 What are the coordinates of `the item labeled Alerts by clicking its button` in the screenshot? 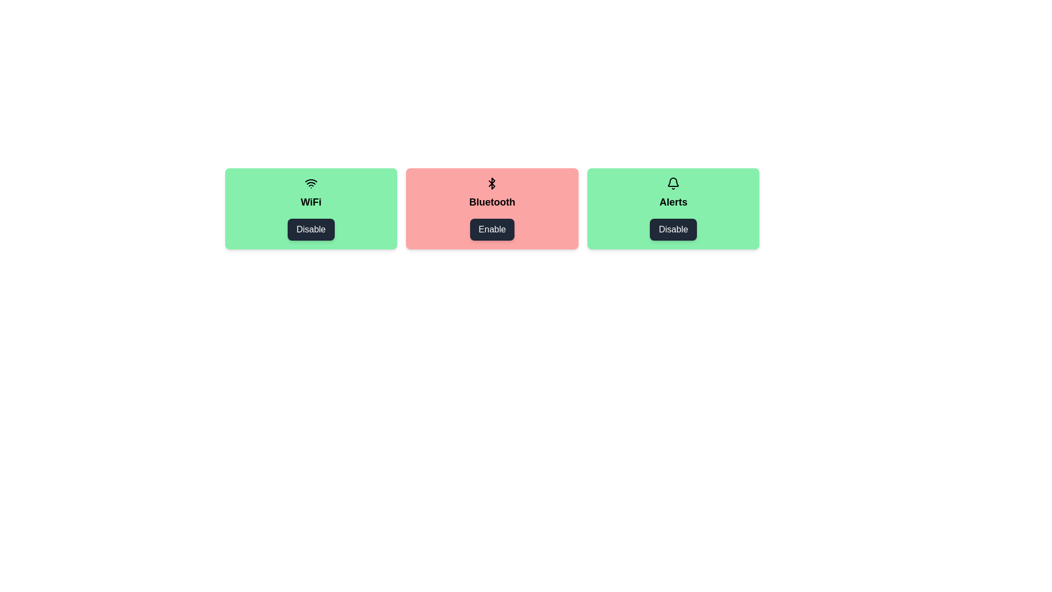 It's located at (673, 229).